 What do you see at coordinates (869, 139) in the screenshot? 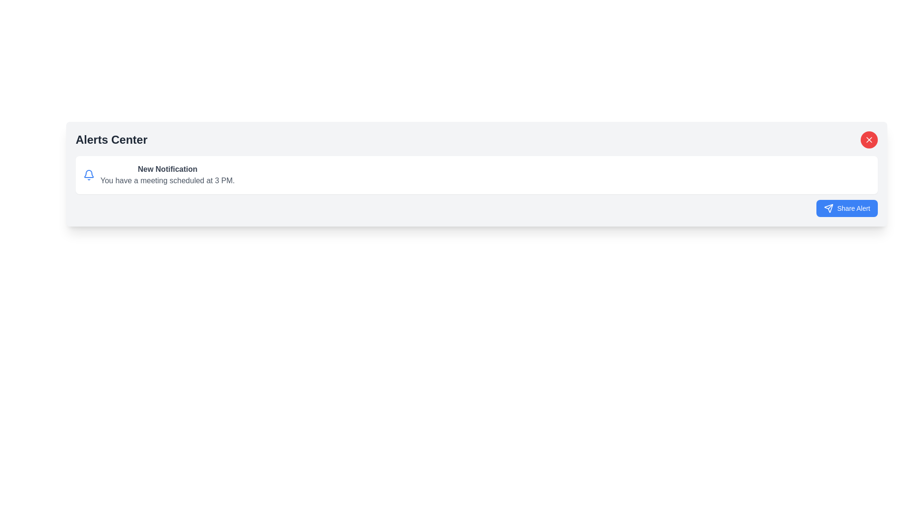
I see `the dismiss button located in the top-right corner beside the text 'Alerts Center'` at bounding box center [869, 139].